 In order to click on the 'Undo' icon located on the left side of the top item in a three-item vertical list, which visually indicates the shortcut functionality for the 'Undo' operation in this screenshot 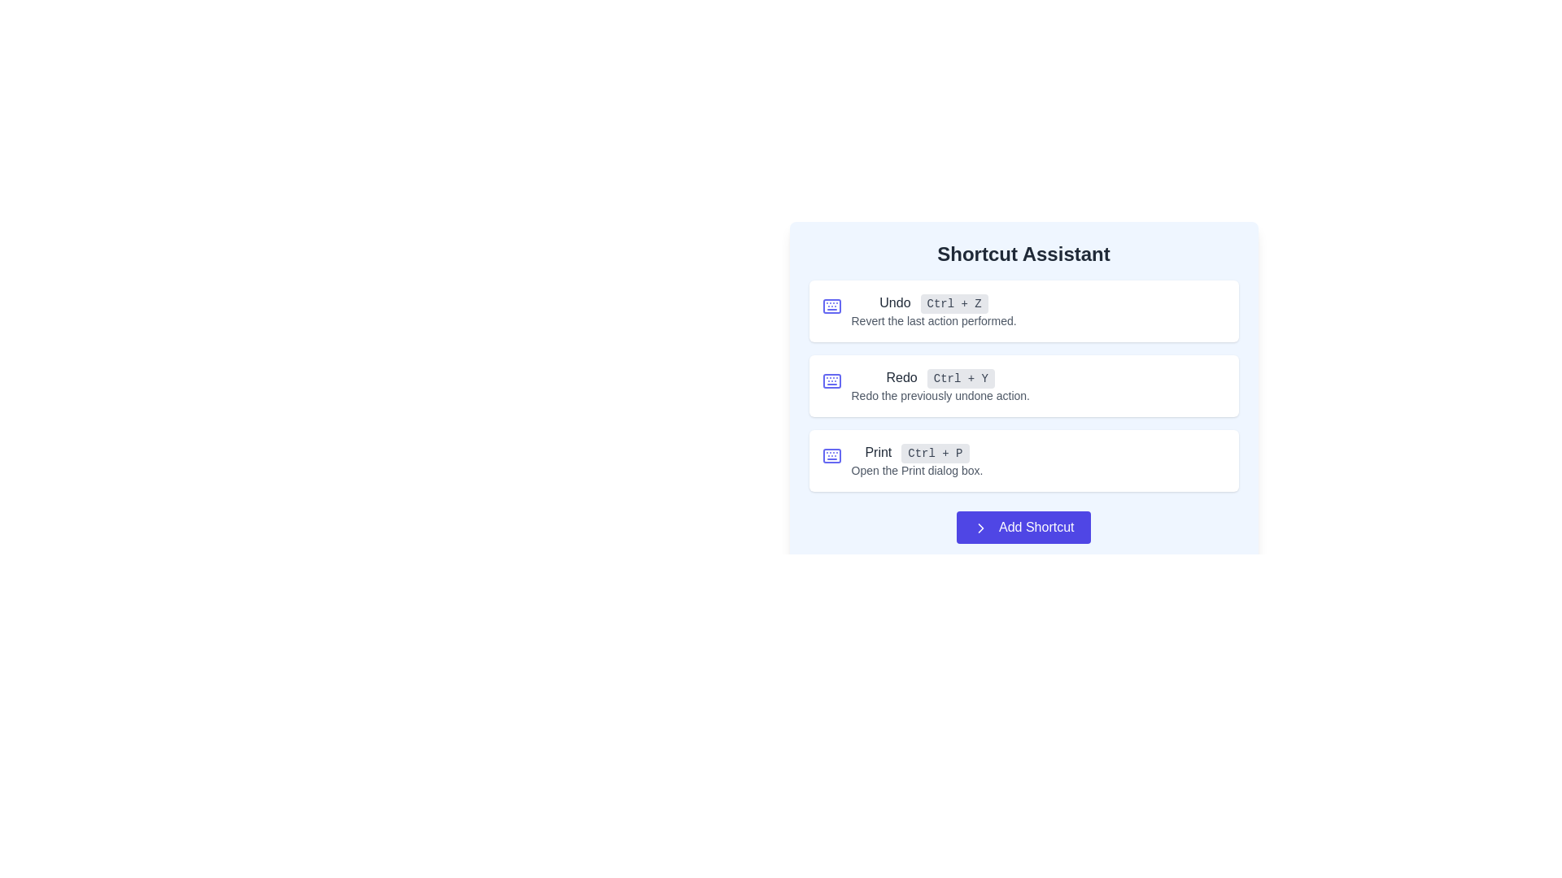, I will do `click(831, 306)`.